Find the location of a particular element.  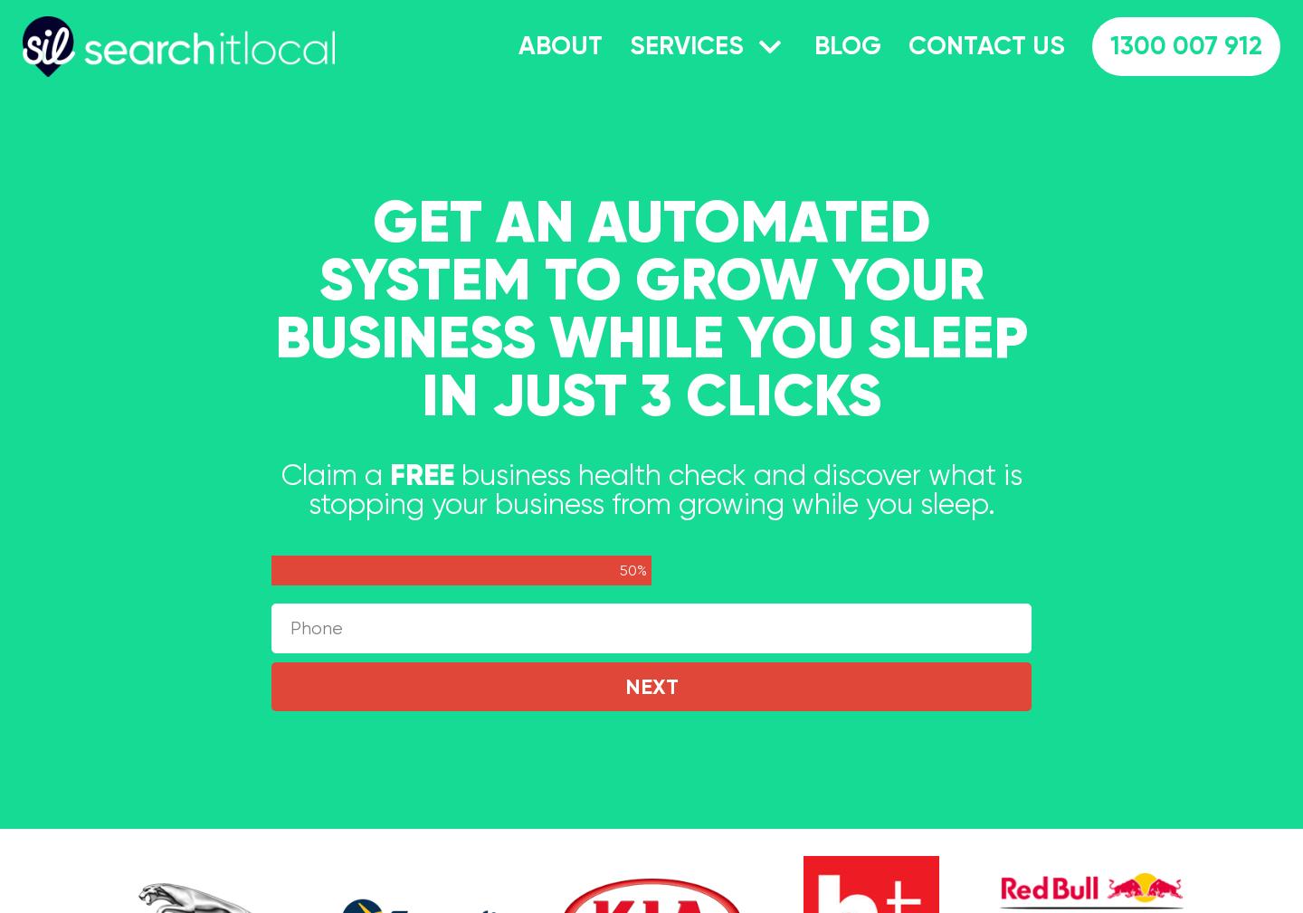

'business health check and discover what is stopping your business from growing while you sleep.' is located at coordinates (307, 490).